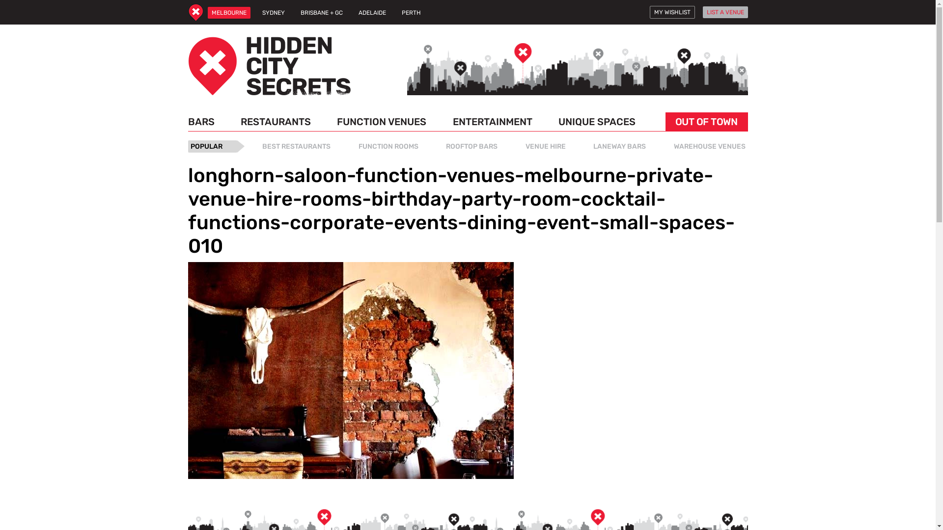  I want to click on 'BEST RESTAURANTS', so click(296, 146).